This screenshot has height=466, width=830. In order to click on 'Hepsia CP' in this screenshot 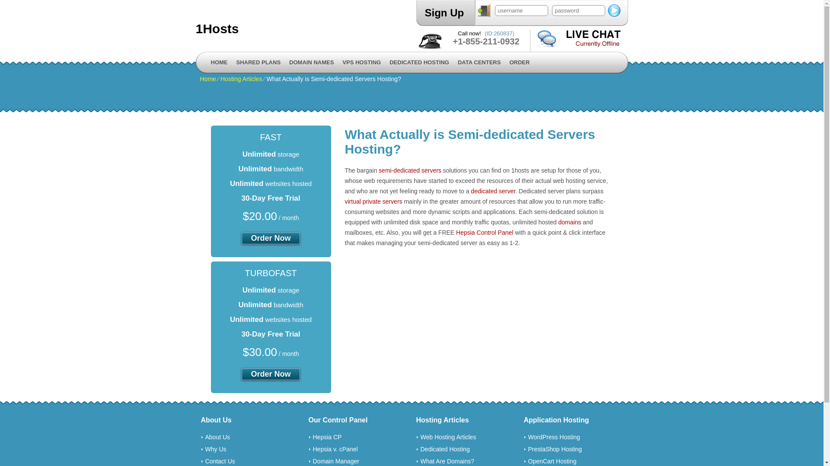, I will do `click(327, 437)`.